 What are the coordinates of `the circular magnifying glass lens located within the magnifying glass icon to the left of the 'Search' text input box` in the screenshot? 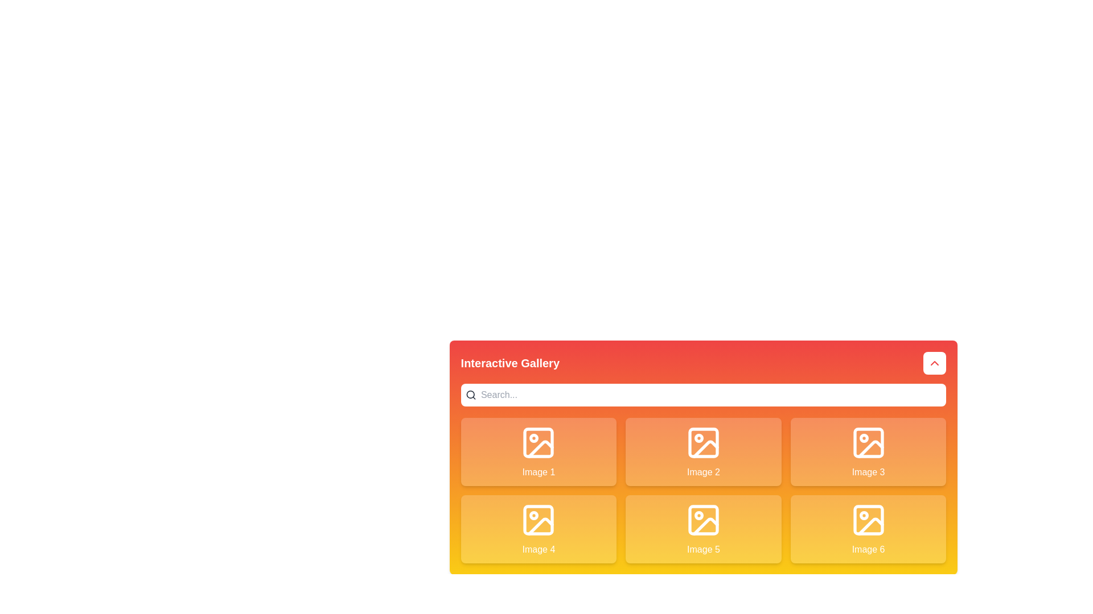 It's located at (470, 394).